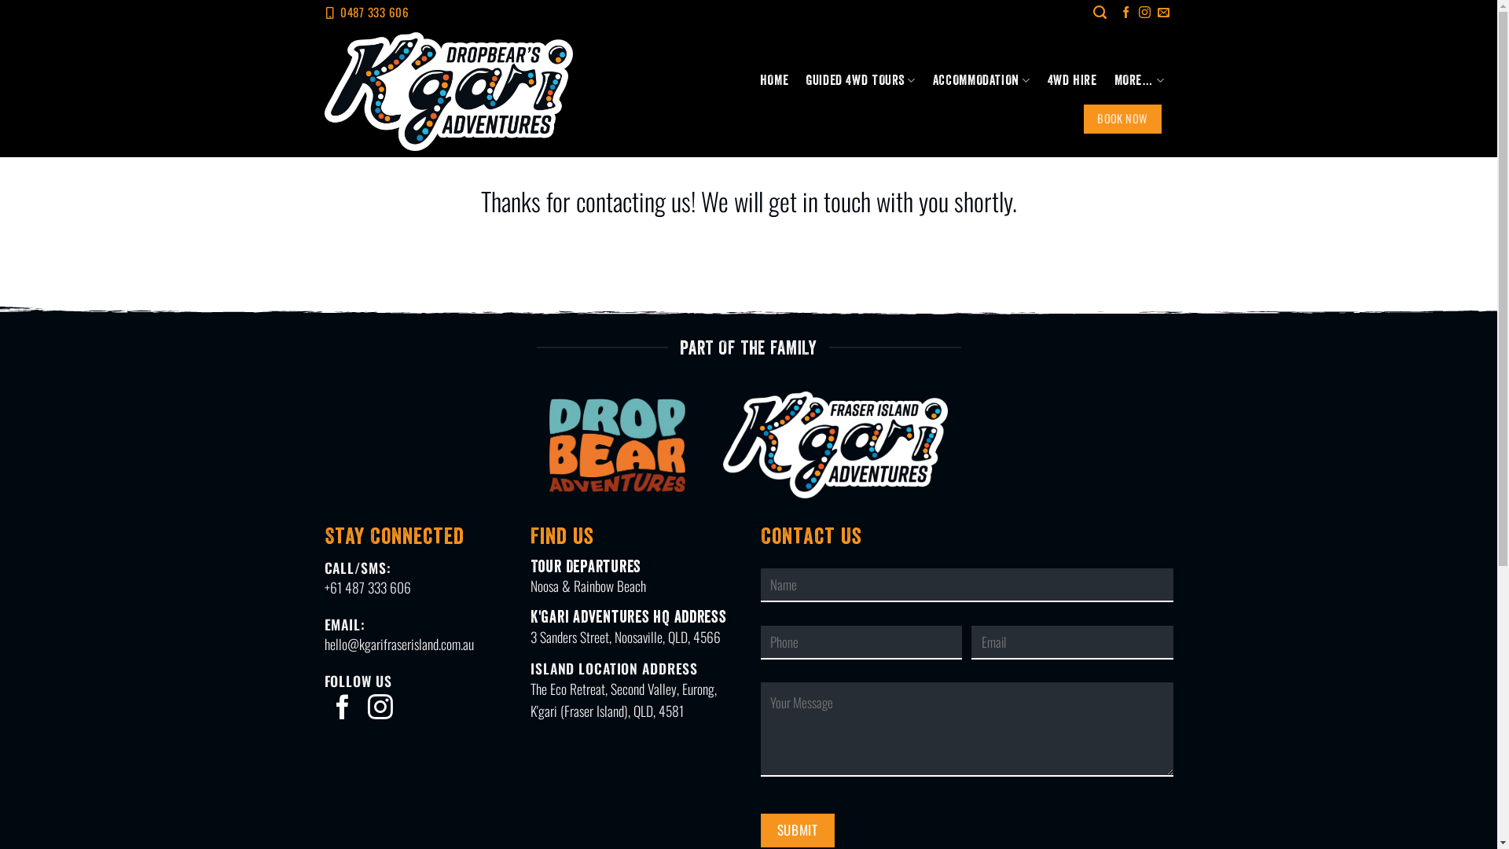  Describe the element at coordinates (398, 643) in the screenshot. I see `'hello@kgarifraserisland.com.au'` at that location.